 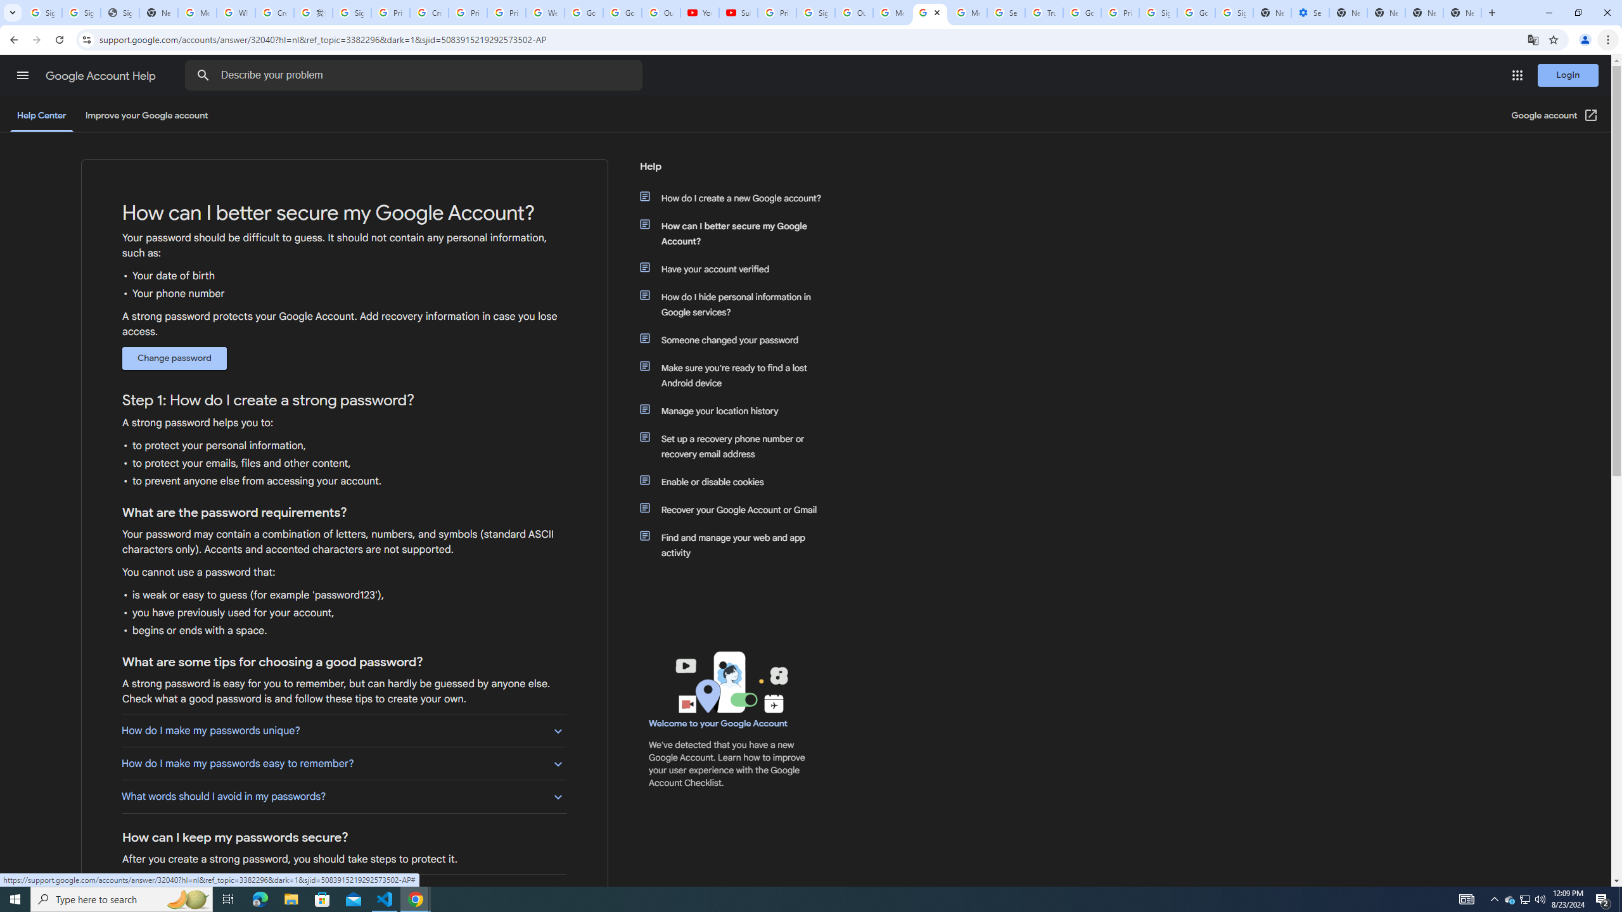 What do you see at coordinates (1462, 12) in the screenshot?
I see `'New Tab'` at bounding box center [1462, 12].